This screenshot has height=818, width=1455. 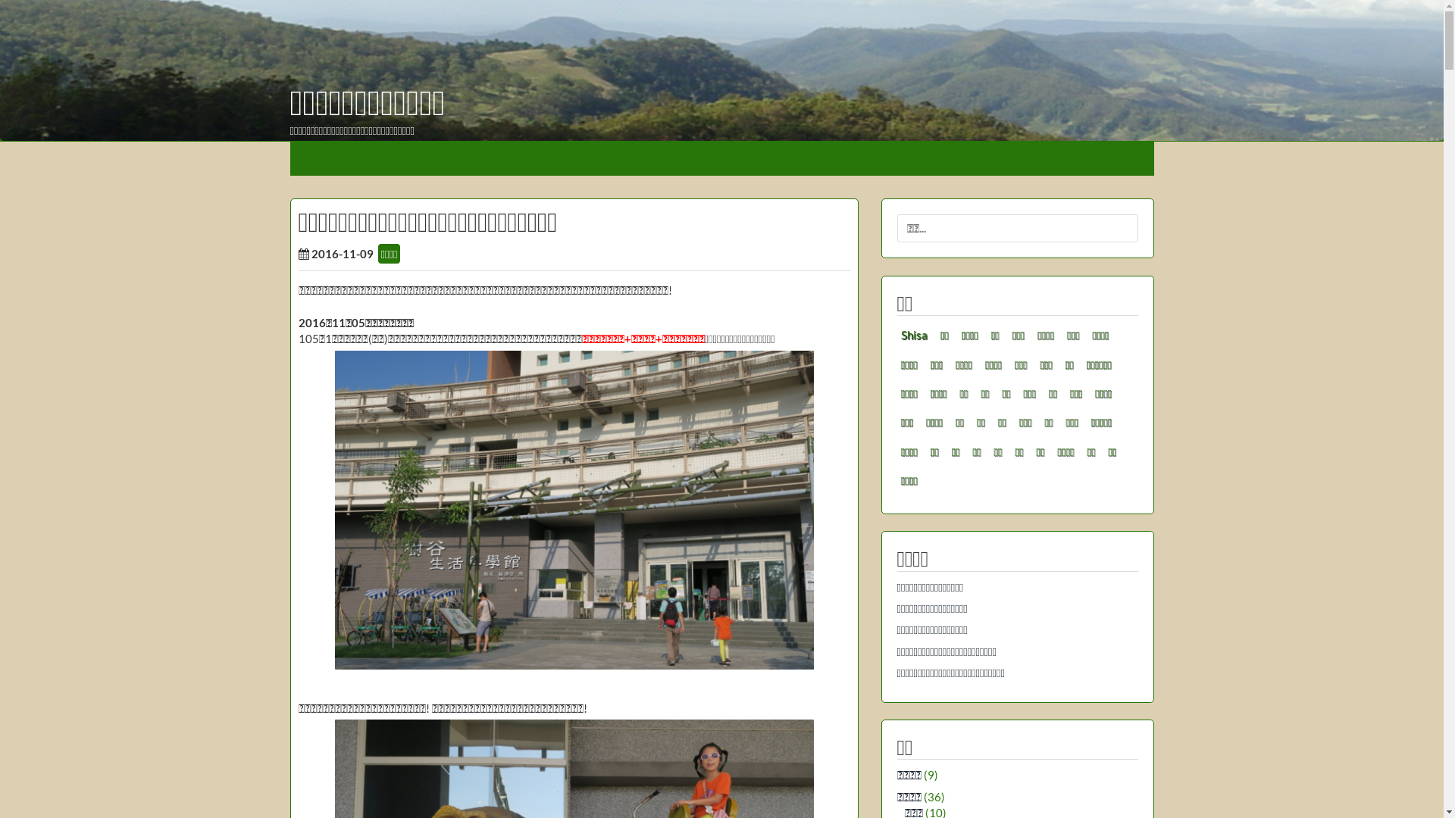 I want to click on 'Shisa', so click(x=913, y=334).